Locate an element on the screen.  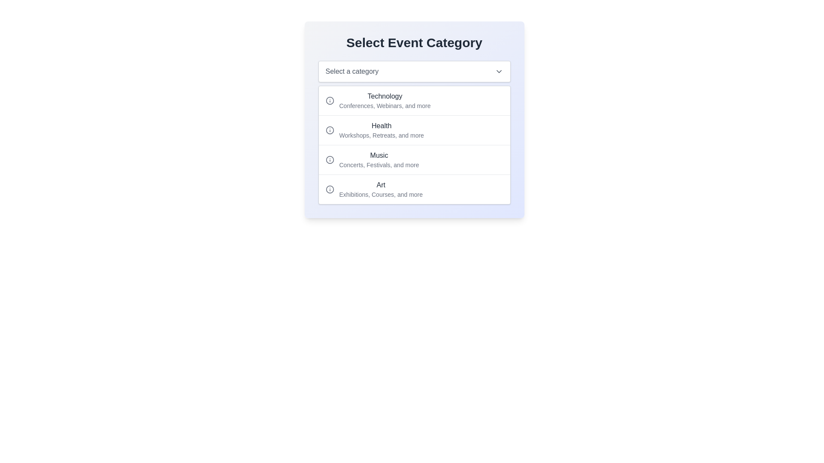
the drop-down menu icon located to the far-right of the 'Select a category' section is located at coordinates (499, 71).